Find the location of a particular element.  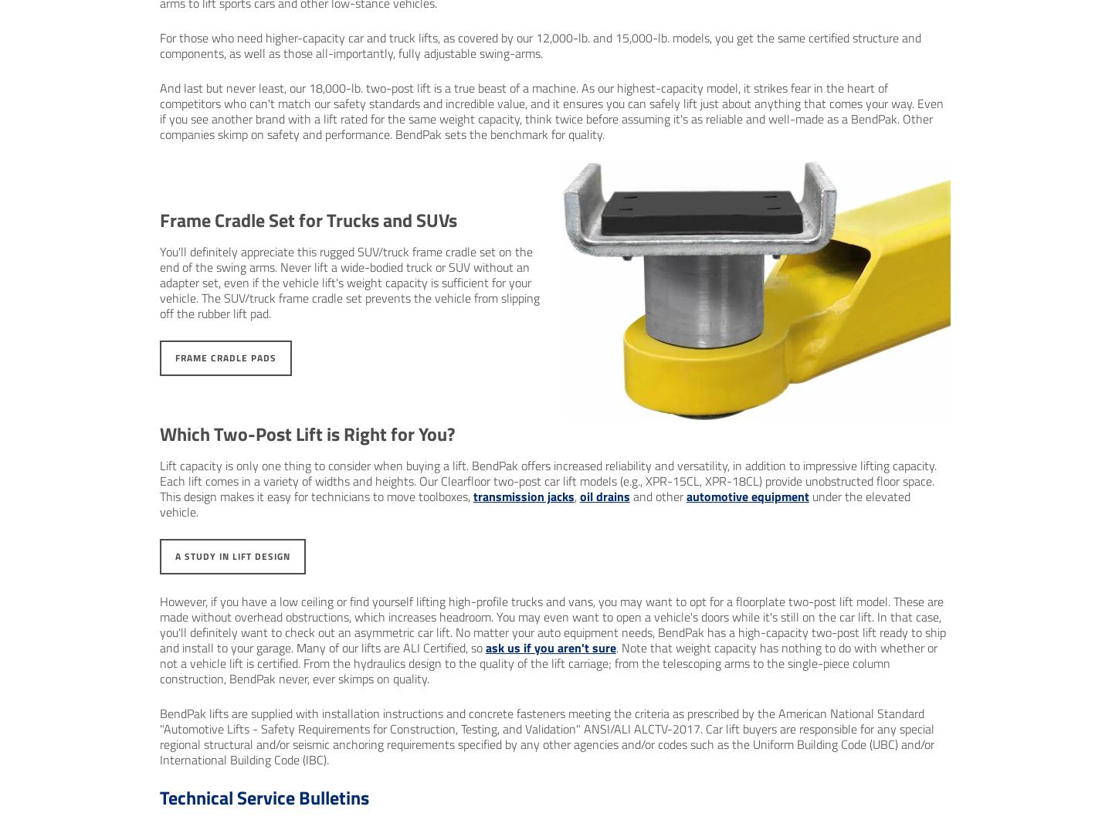

'ask us if you aren't sure' is located at coordinates (550, 646).